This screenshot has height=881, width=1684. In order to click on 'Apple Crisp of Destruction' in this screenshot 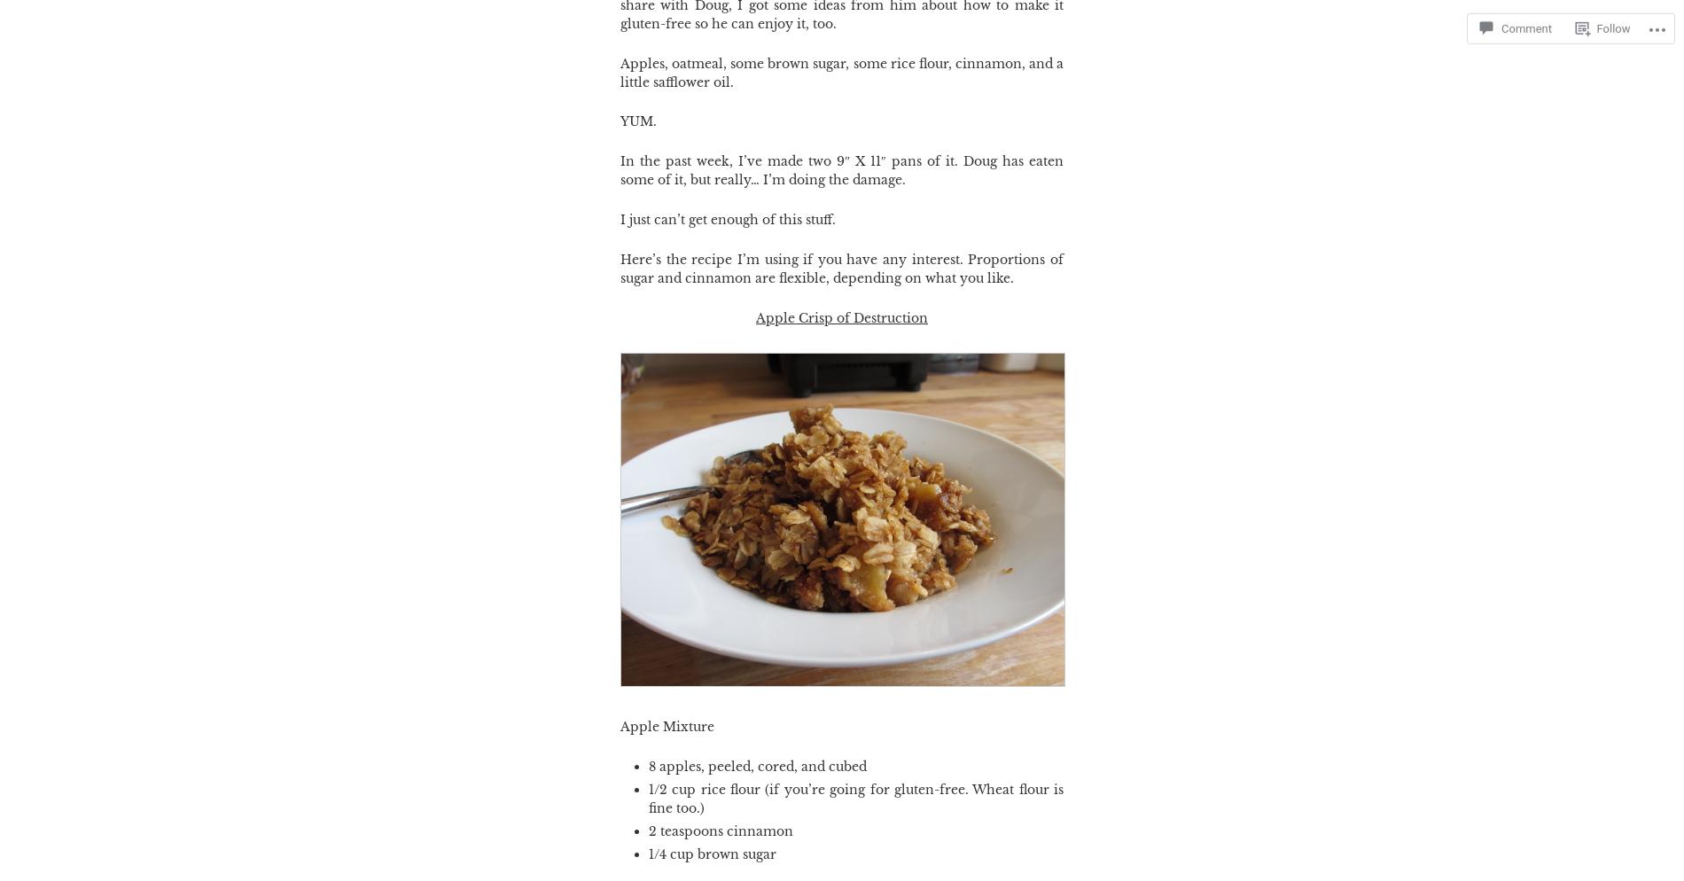, I will do `click(842, 317)`.